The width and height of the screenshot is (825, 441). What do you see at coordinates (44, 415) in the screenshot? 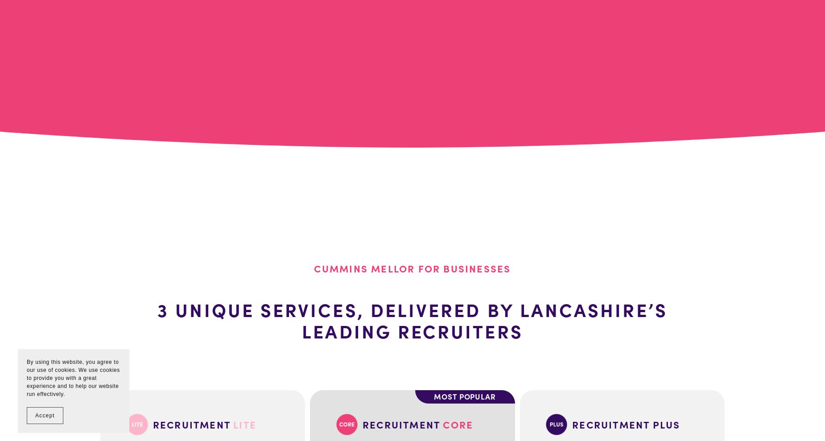
I see `'Accept'` at bounding box center [44, 415].